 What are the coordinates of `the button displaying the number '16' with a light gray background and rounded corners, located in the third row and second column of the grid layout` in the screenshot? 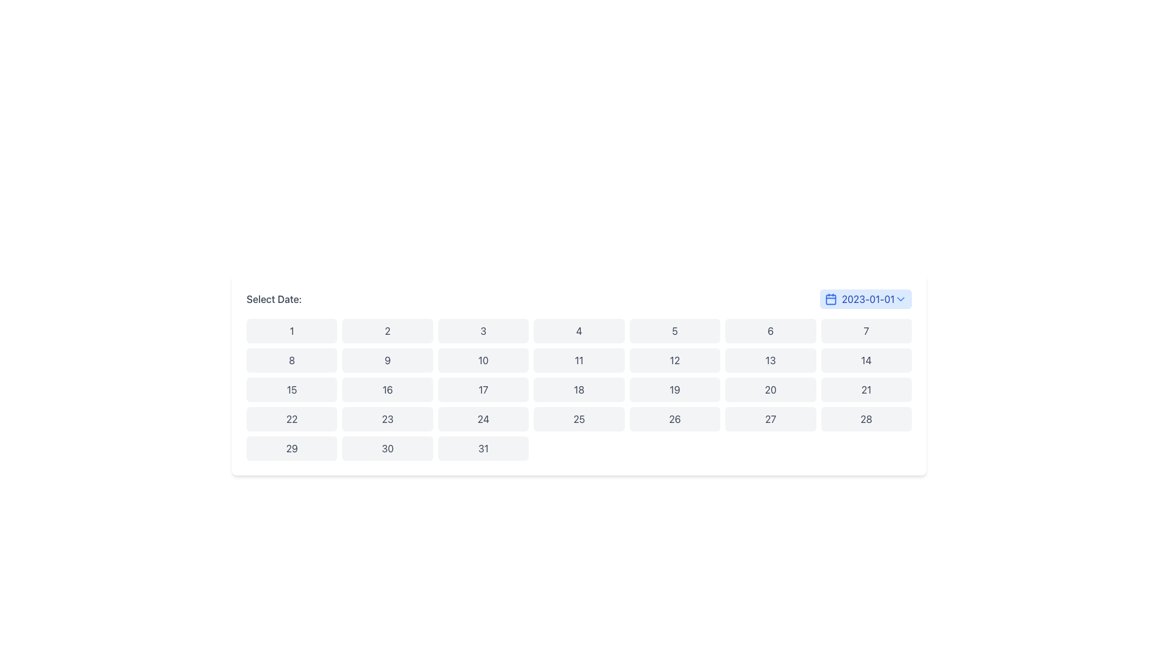 It's located at (387, 389).